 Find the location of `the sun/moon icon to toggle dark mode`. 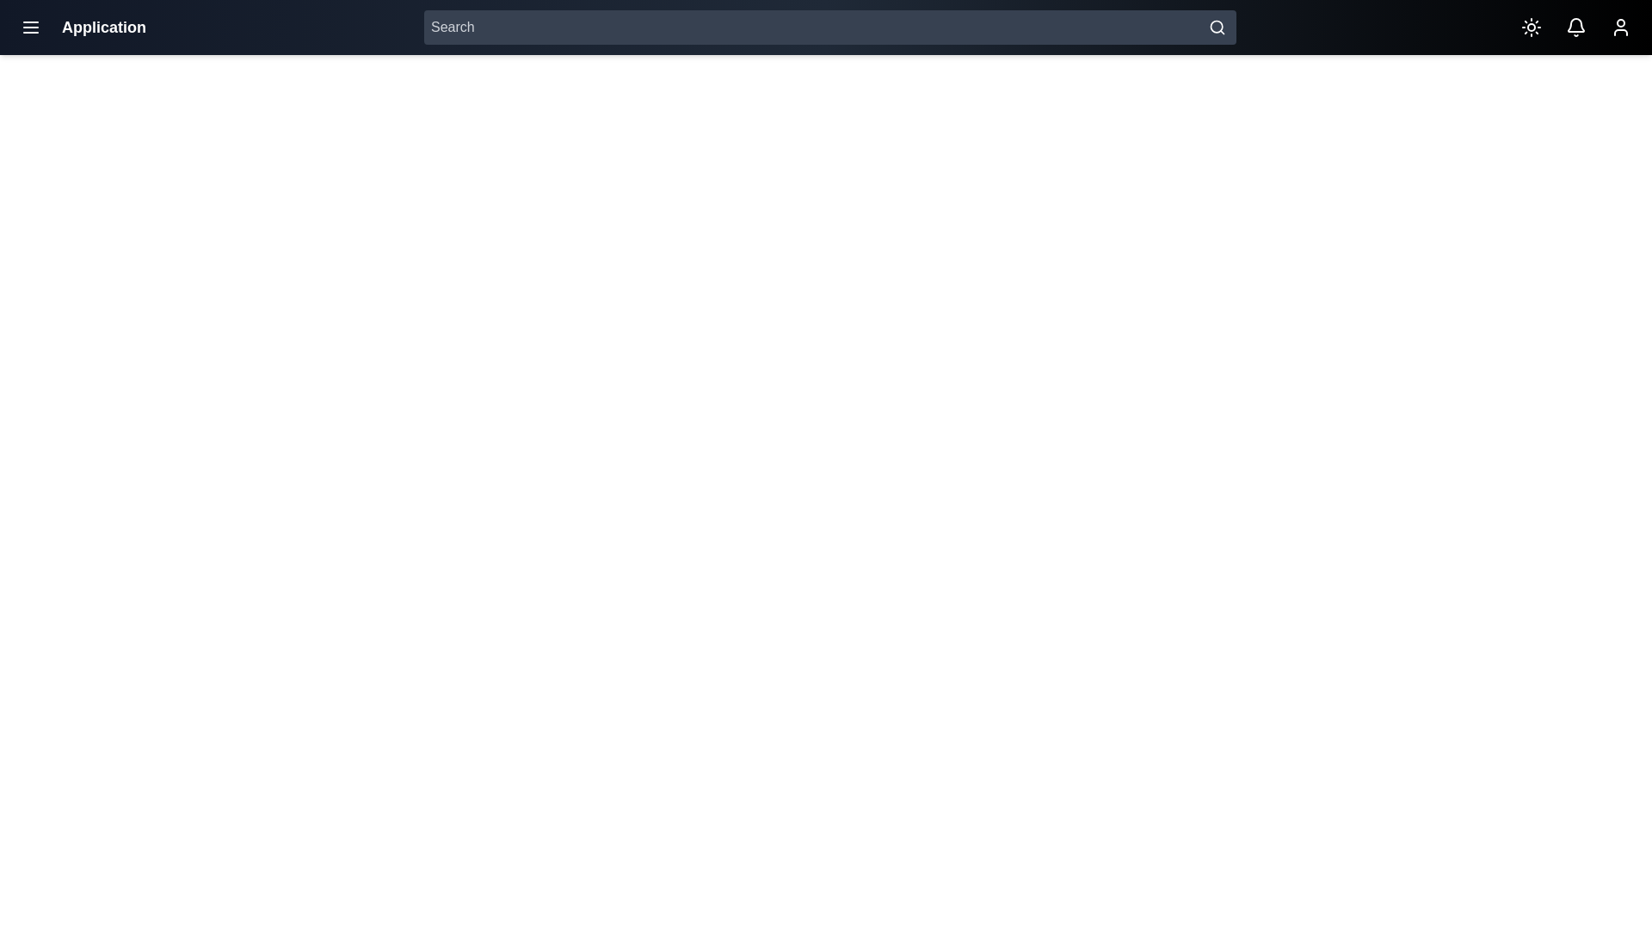

the sun/moon icon to toggle dark mode is located at coordinates (1532, 27).